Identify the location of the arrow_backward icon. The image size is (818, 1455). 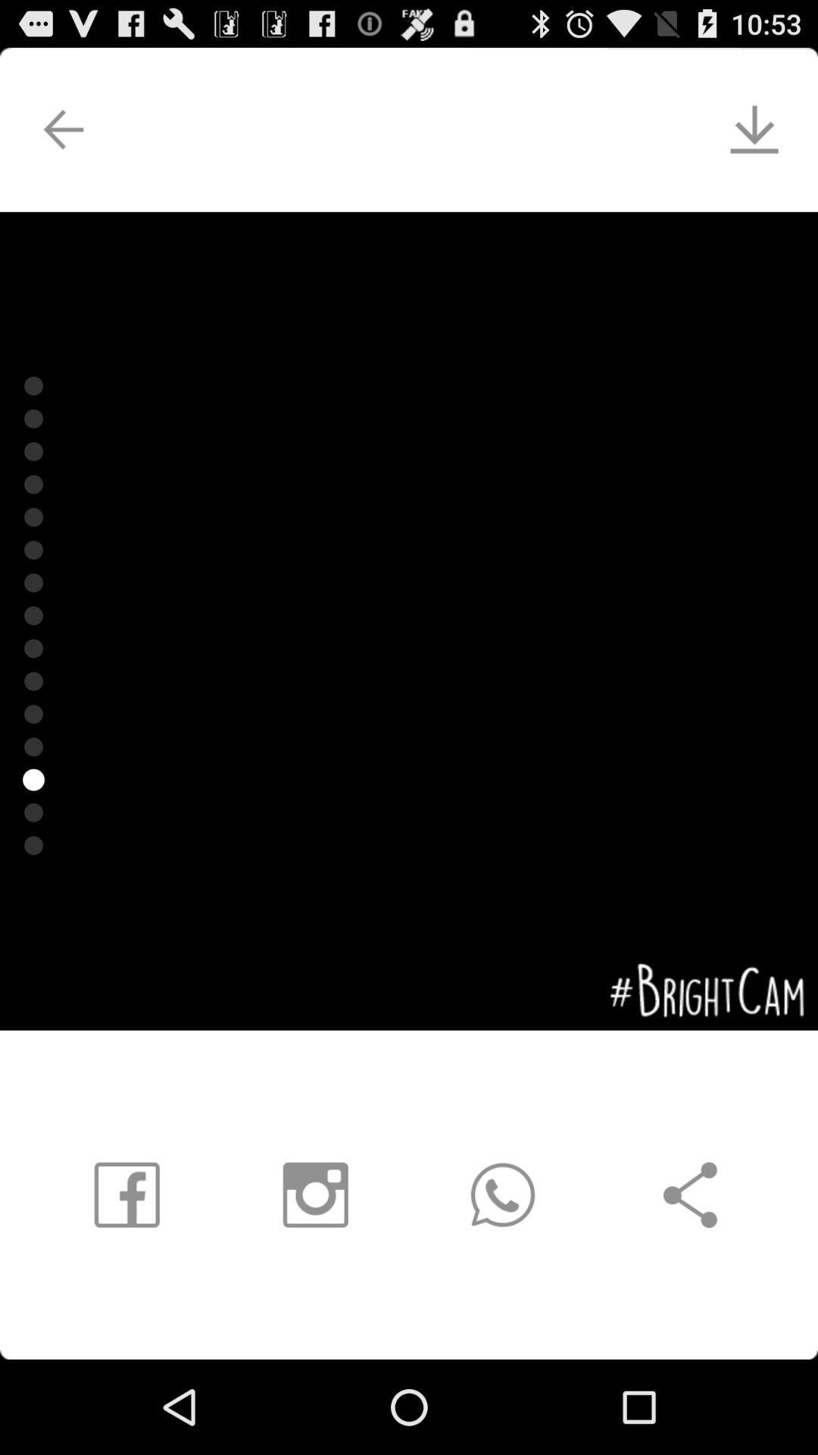
(46, 138).